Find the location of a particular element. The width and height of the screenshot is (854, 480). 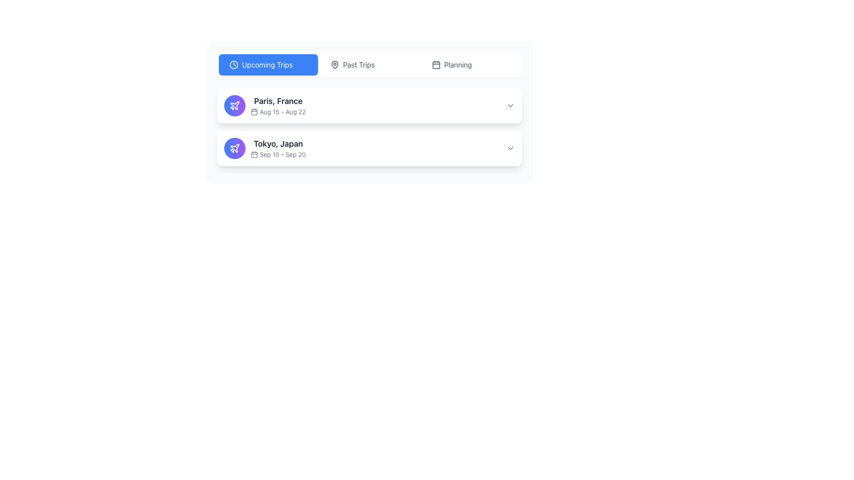

the first Informational Card representing a trip to Paris, France is located at coordinates (369, 105).